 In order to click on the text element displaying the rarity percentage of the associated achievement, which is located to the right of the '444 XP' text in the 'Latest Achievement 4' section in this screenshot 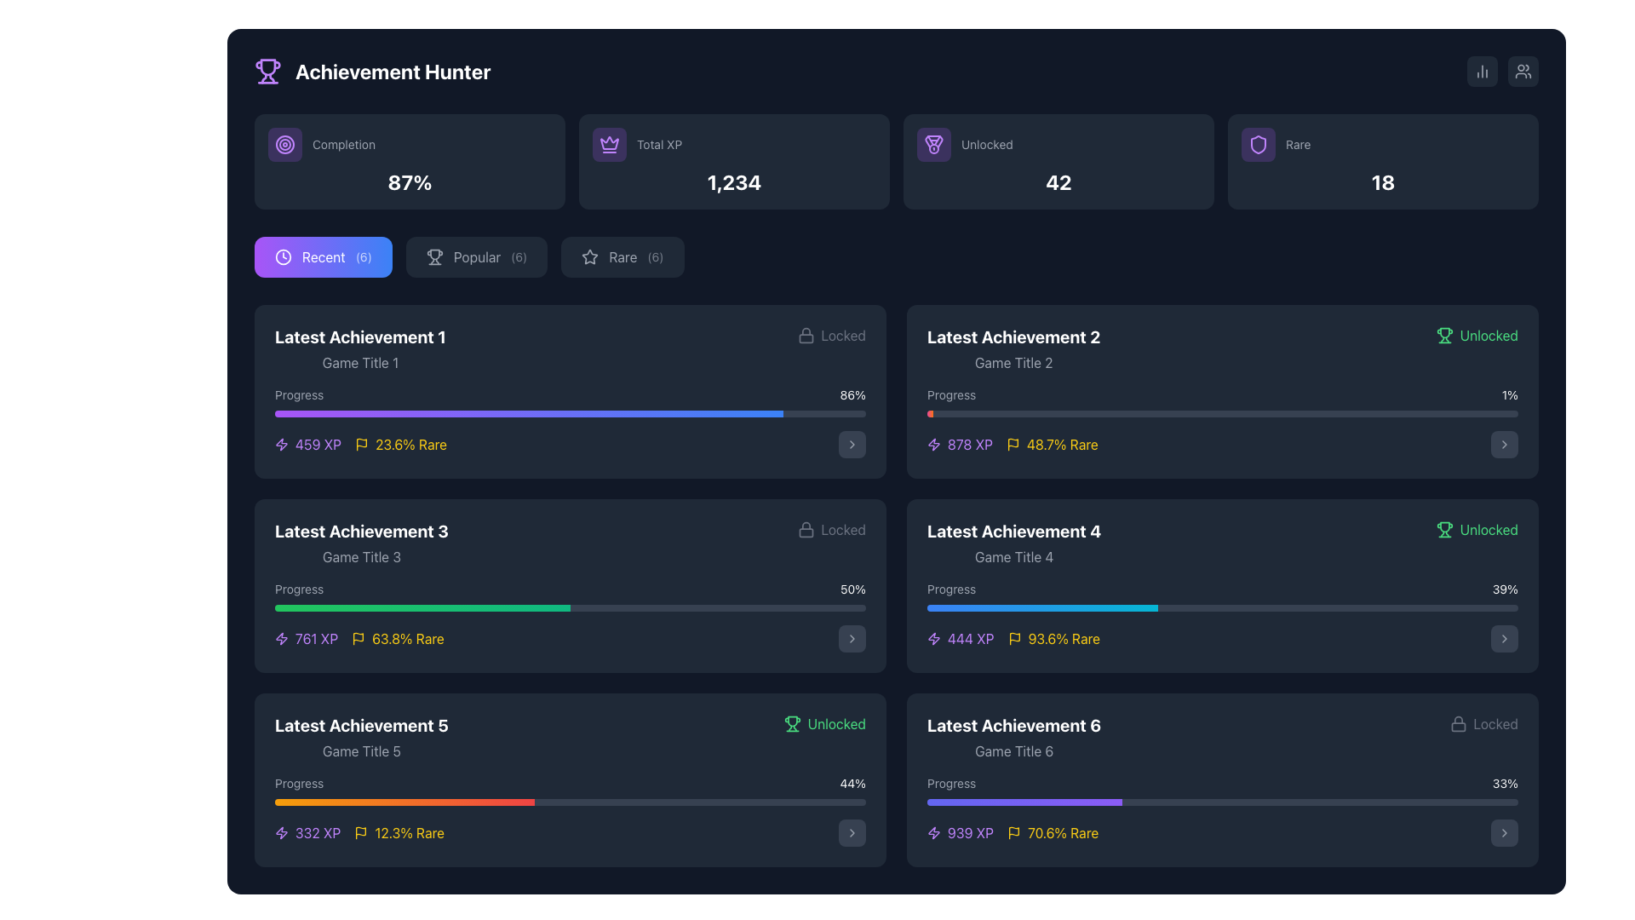, I will do `click(1053, 638)`.